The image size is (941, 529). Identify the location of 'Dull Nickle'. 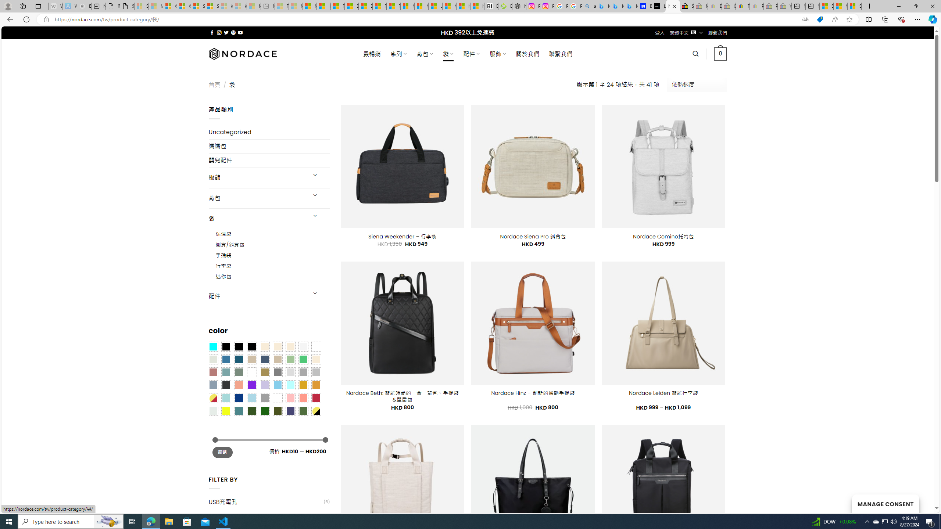
(212, 410).